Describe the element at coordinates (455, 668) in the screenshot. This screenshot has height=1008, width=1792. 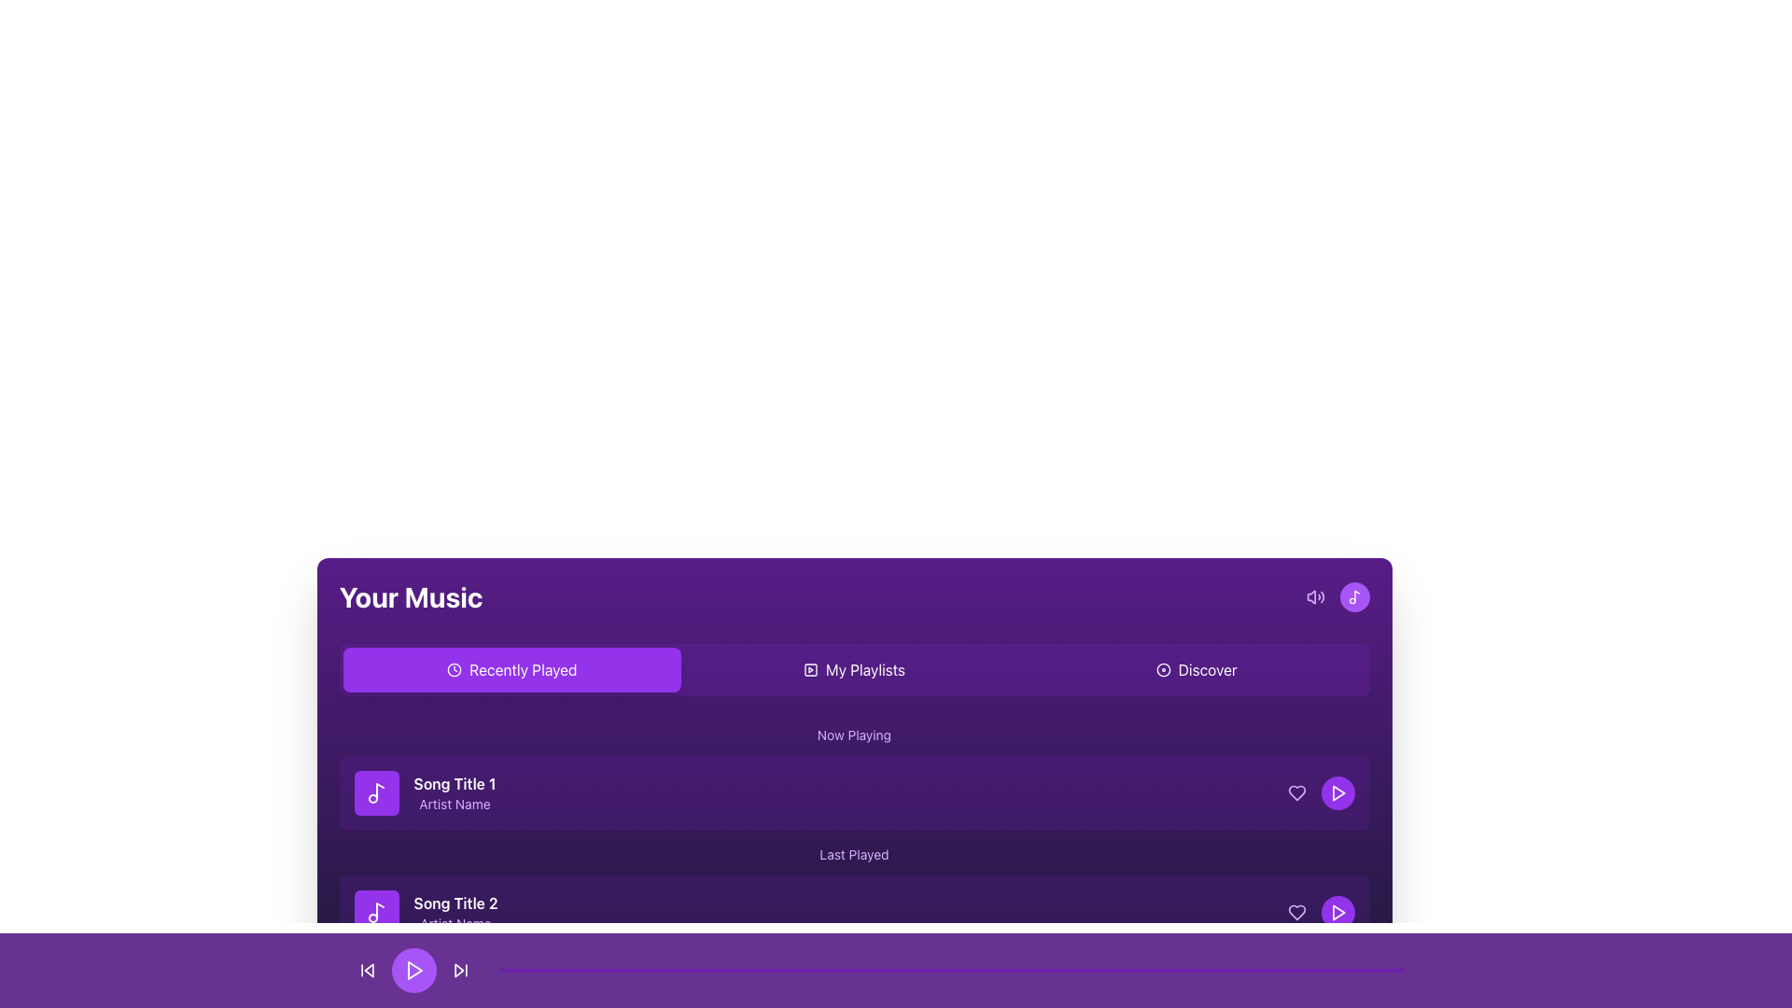
I see `the clock icon located within the purple button at the top-left of the interface, which is positioned to the left of the 'Recently Played' text under the 'Your Music' heading` at that location.